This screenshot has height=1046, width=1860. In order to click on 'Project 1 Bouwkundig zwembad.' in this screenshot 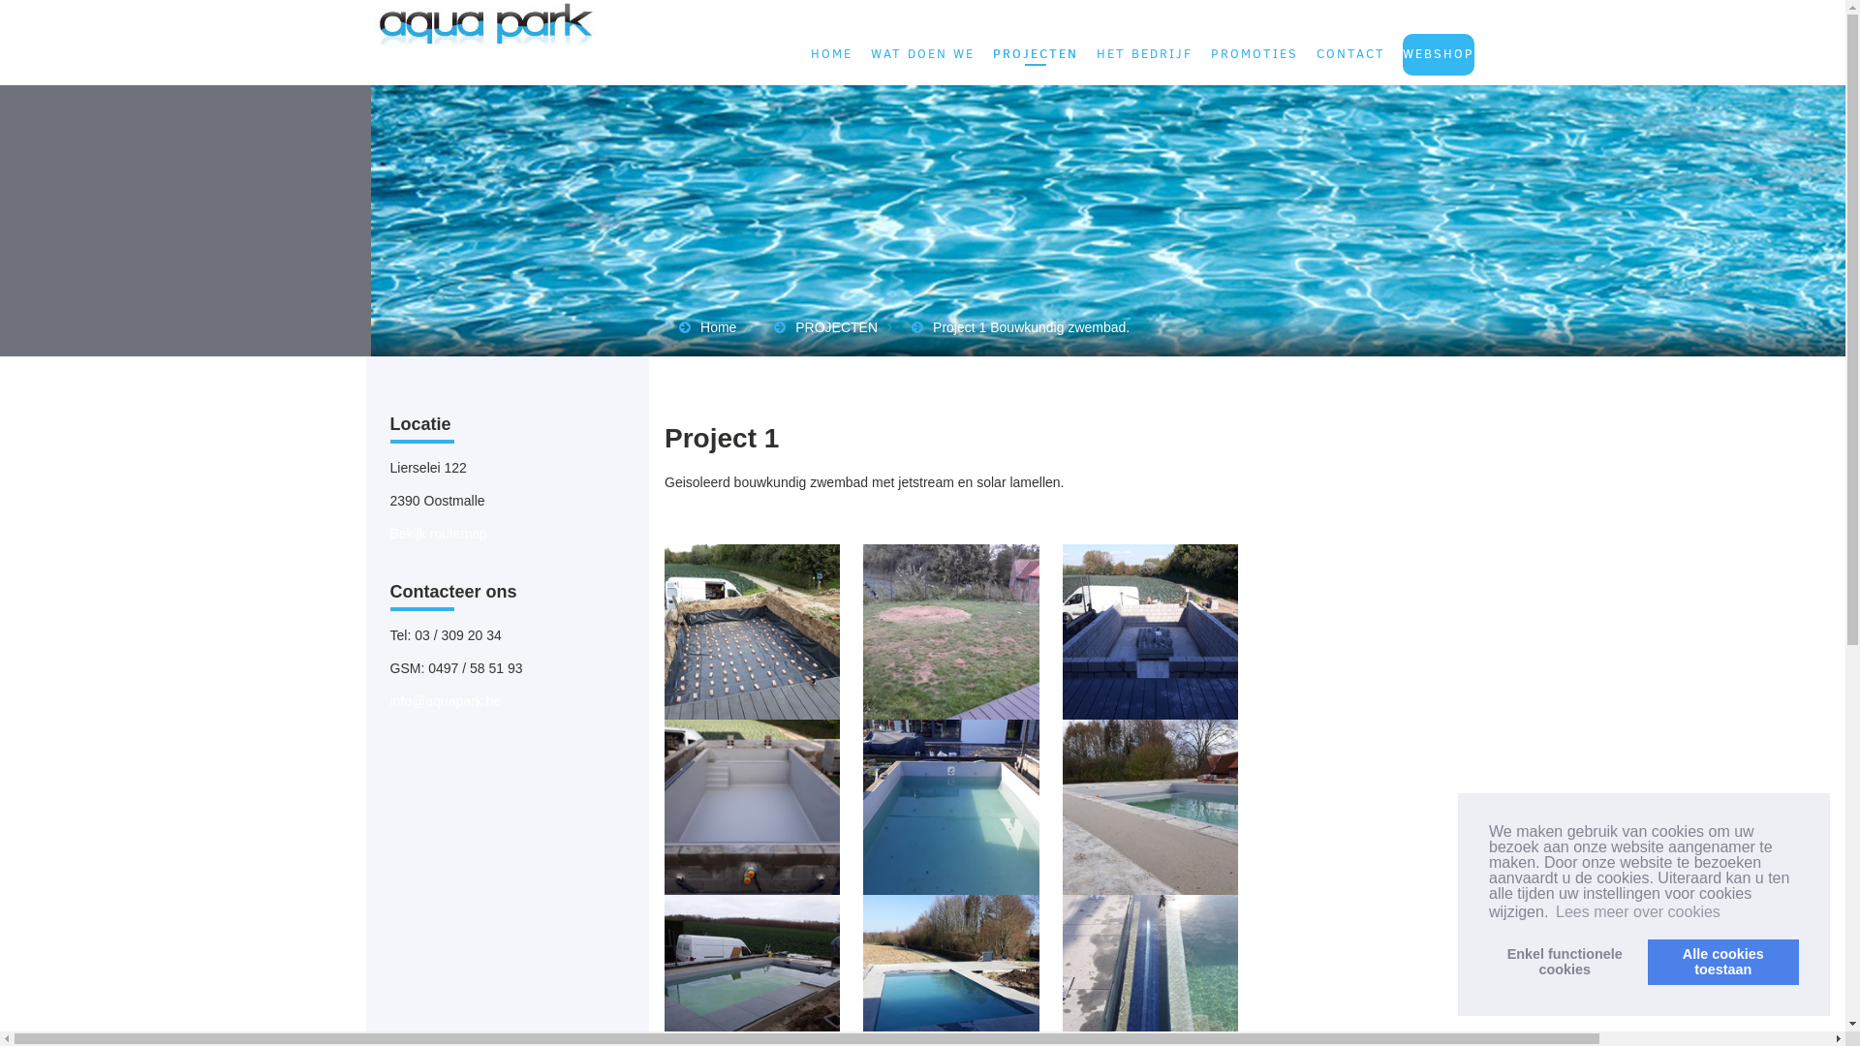, I will do `click(1030, 326)`.